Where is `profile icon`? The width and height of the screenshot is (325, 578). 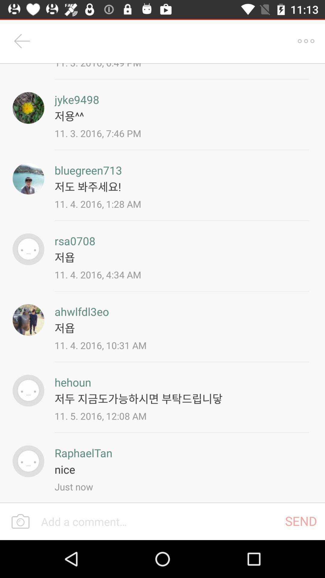 profile icon is located at coordinates (28, 461).